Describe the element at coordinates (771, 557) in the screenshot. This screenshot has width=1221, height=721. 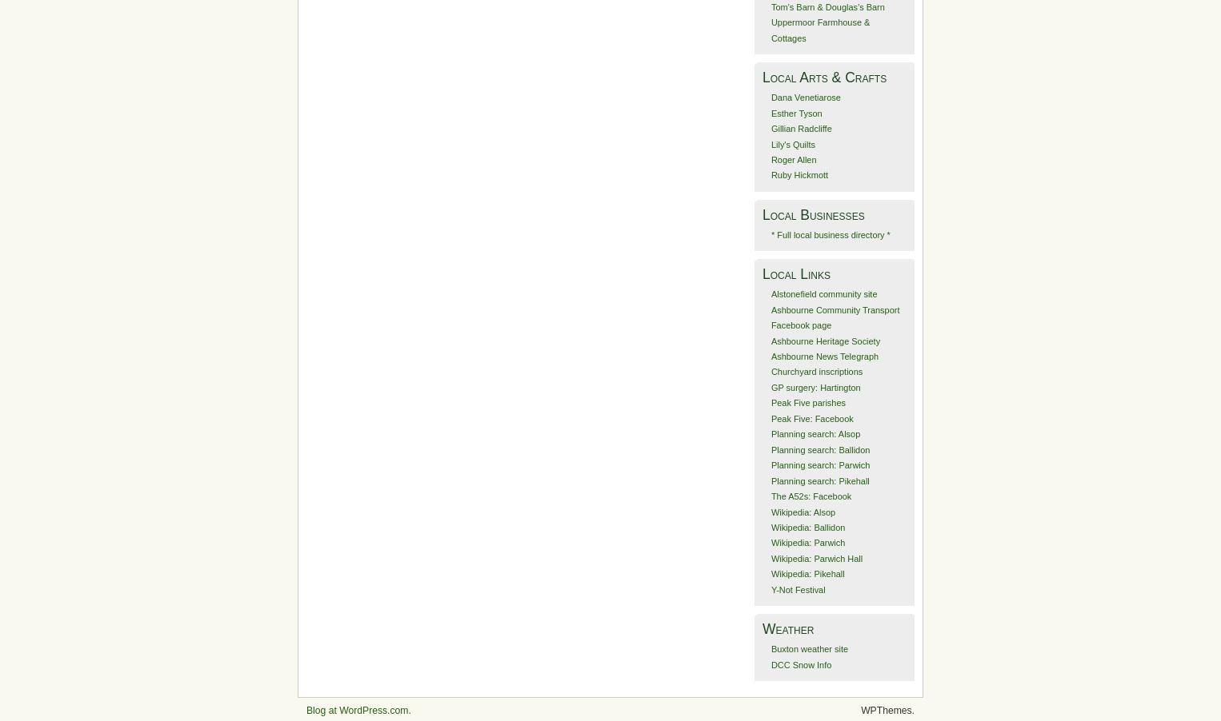
I see `'Wikipedia: Parwich Hall'` at that location.